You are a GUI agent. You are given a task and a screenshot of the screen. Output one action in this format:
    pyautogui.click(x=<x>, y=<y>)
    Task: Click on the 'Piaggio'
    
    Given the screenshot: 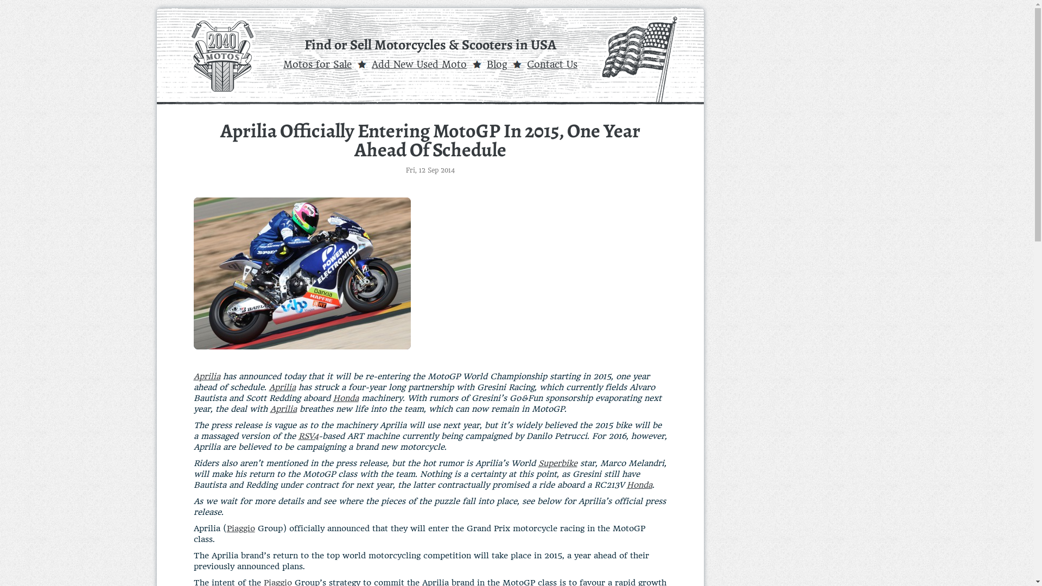 What is the action you would take?
    pyautogui.click(x=240, y=528)
    